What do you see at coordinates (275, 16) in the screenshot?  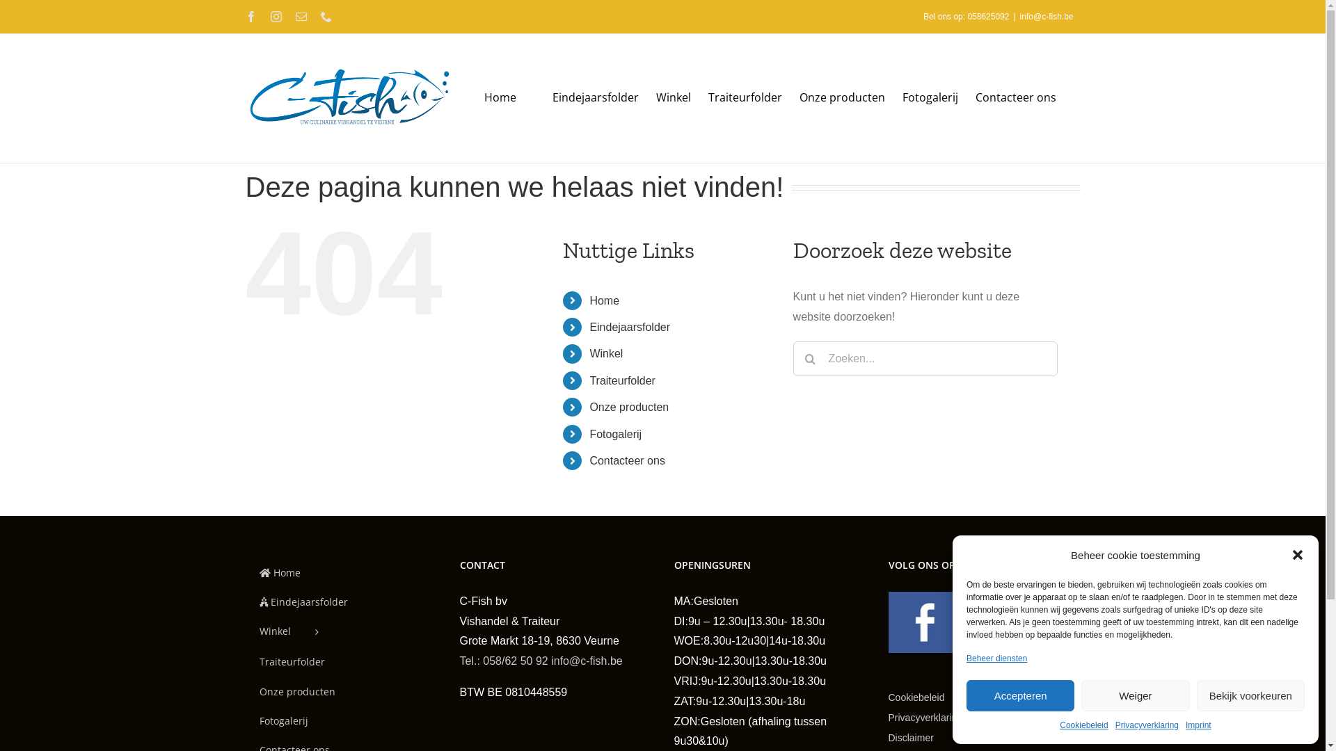 I see `'Instagram'` at bounding box center [275, 16].